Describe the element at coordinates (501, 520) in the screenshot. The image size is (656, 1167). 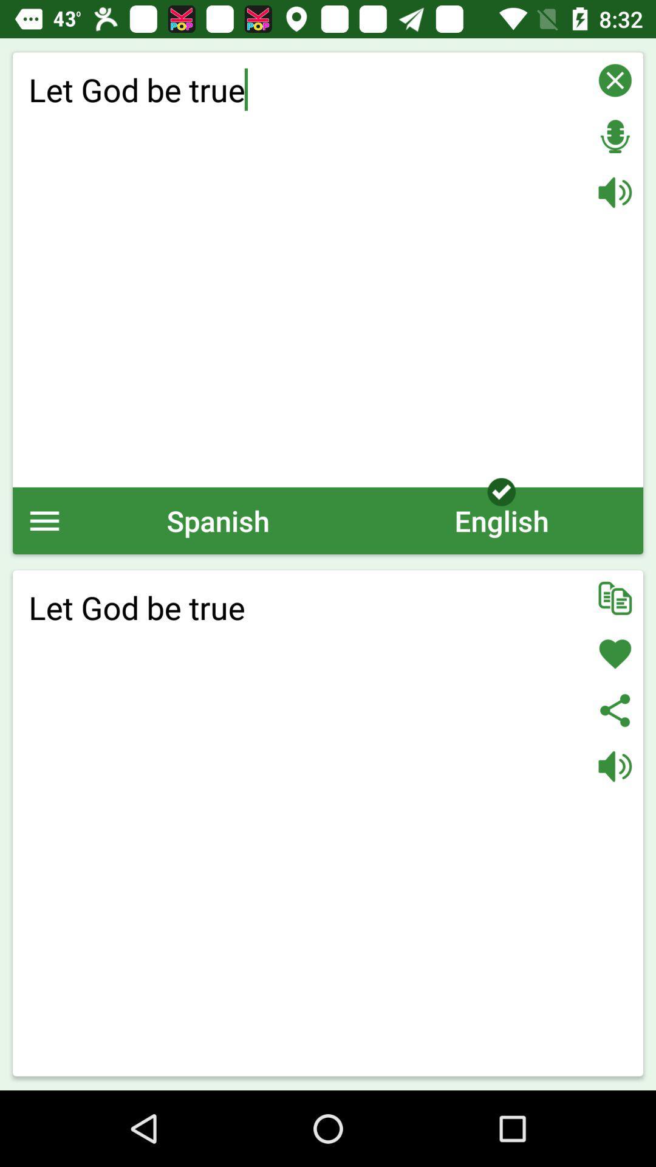
I see `icon below let god be` at that location.